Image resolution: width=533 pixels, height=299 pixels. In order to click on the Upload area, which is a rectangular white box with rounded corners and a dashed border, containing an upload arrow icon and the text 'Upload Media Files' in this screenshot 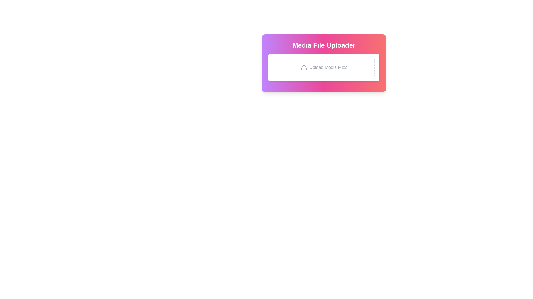, I will do `click(324, 67)`.